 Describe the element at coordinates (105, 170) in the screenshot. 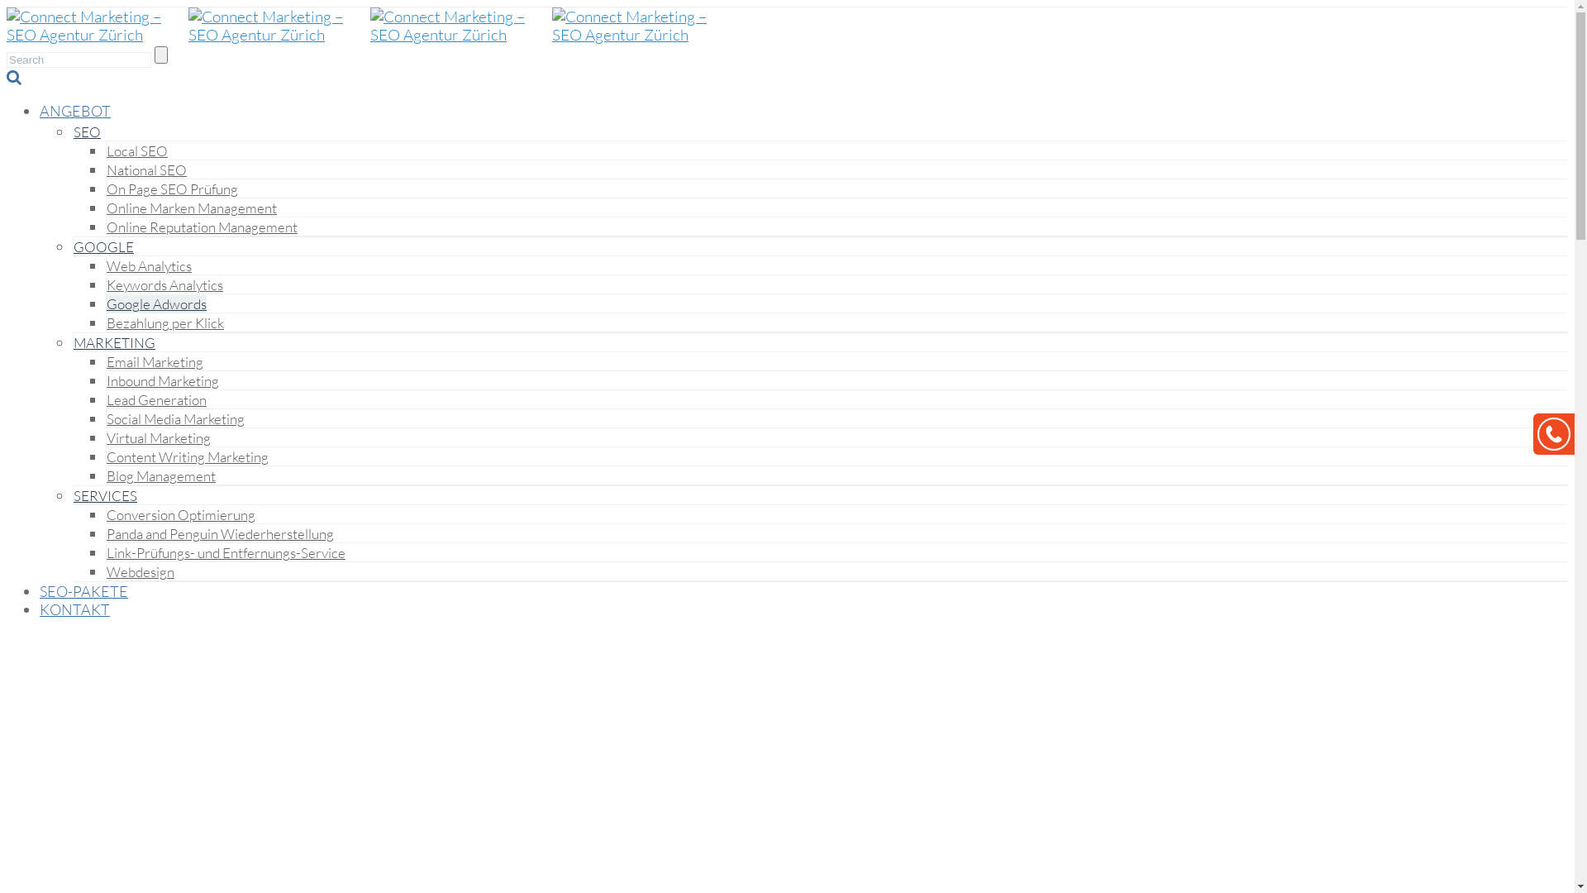

I see `'National SEO'` at that location.